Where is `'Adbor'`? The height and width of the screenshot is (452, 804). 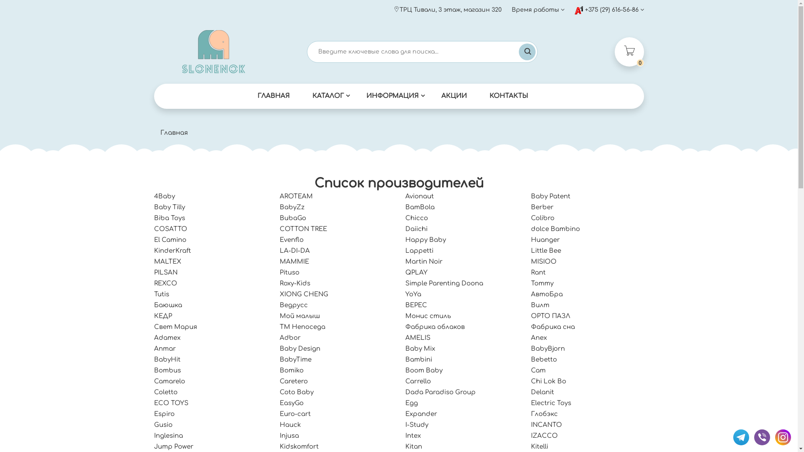
'Adbor' is located at coordinates (290, 337).